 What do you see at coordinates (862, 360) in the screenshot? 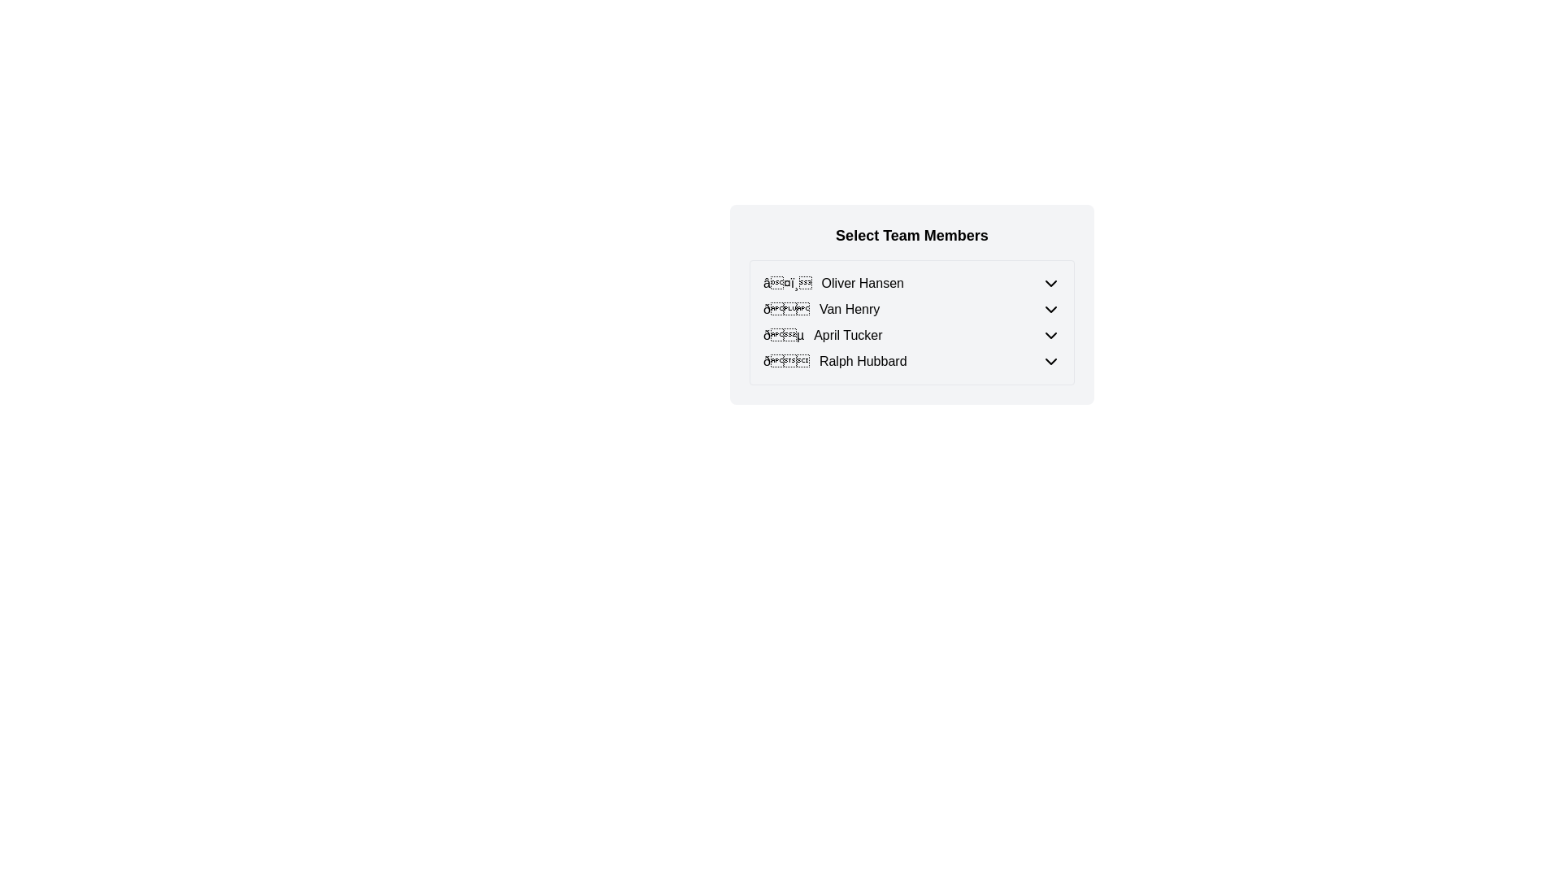
I see `the text label displaying the name 'Ralph Hubbard', which is the fourth item in a vertical list of team members` at bounding box center [862, 360].